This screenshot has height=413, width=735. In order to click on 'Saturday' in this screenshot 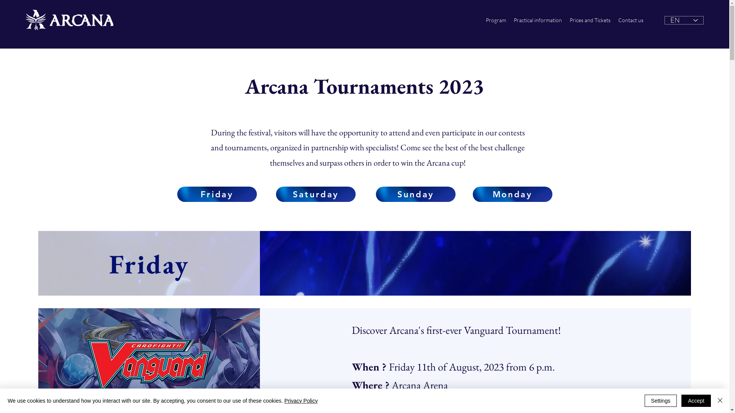, I will do `click(315, 194)`.